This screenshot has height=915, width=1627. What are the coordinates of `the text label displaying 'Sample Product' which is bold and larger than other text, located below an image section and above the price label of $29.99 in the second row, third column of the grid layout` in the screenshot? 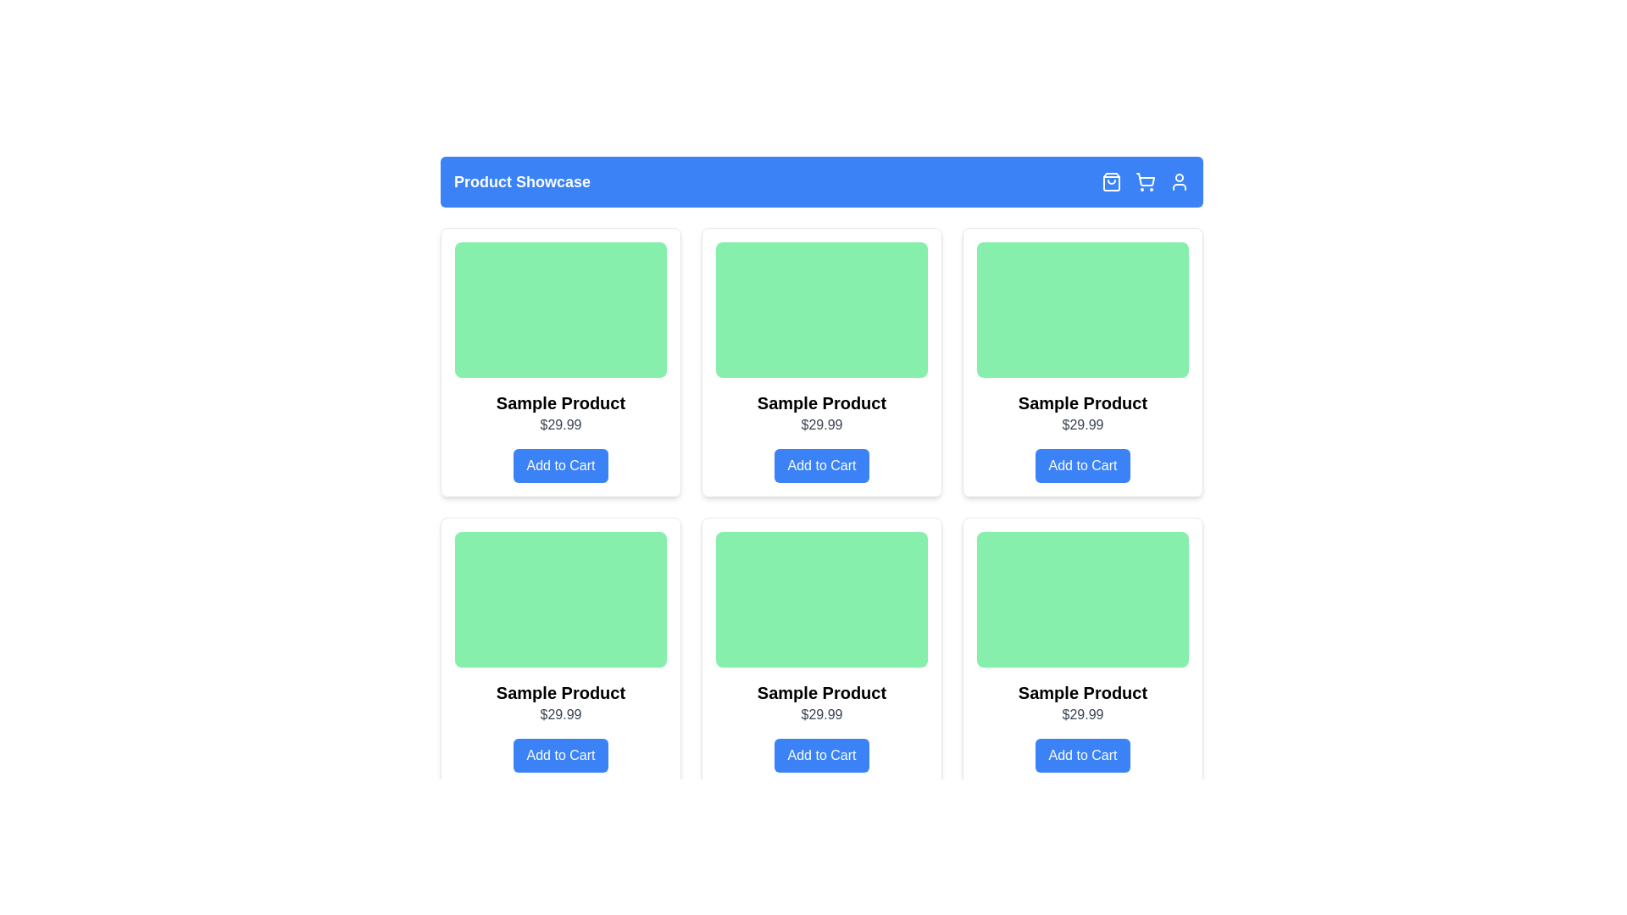 It's located at (1081, 692).